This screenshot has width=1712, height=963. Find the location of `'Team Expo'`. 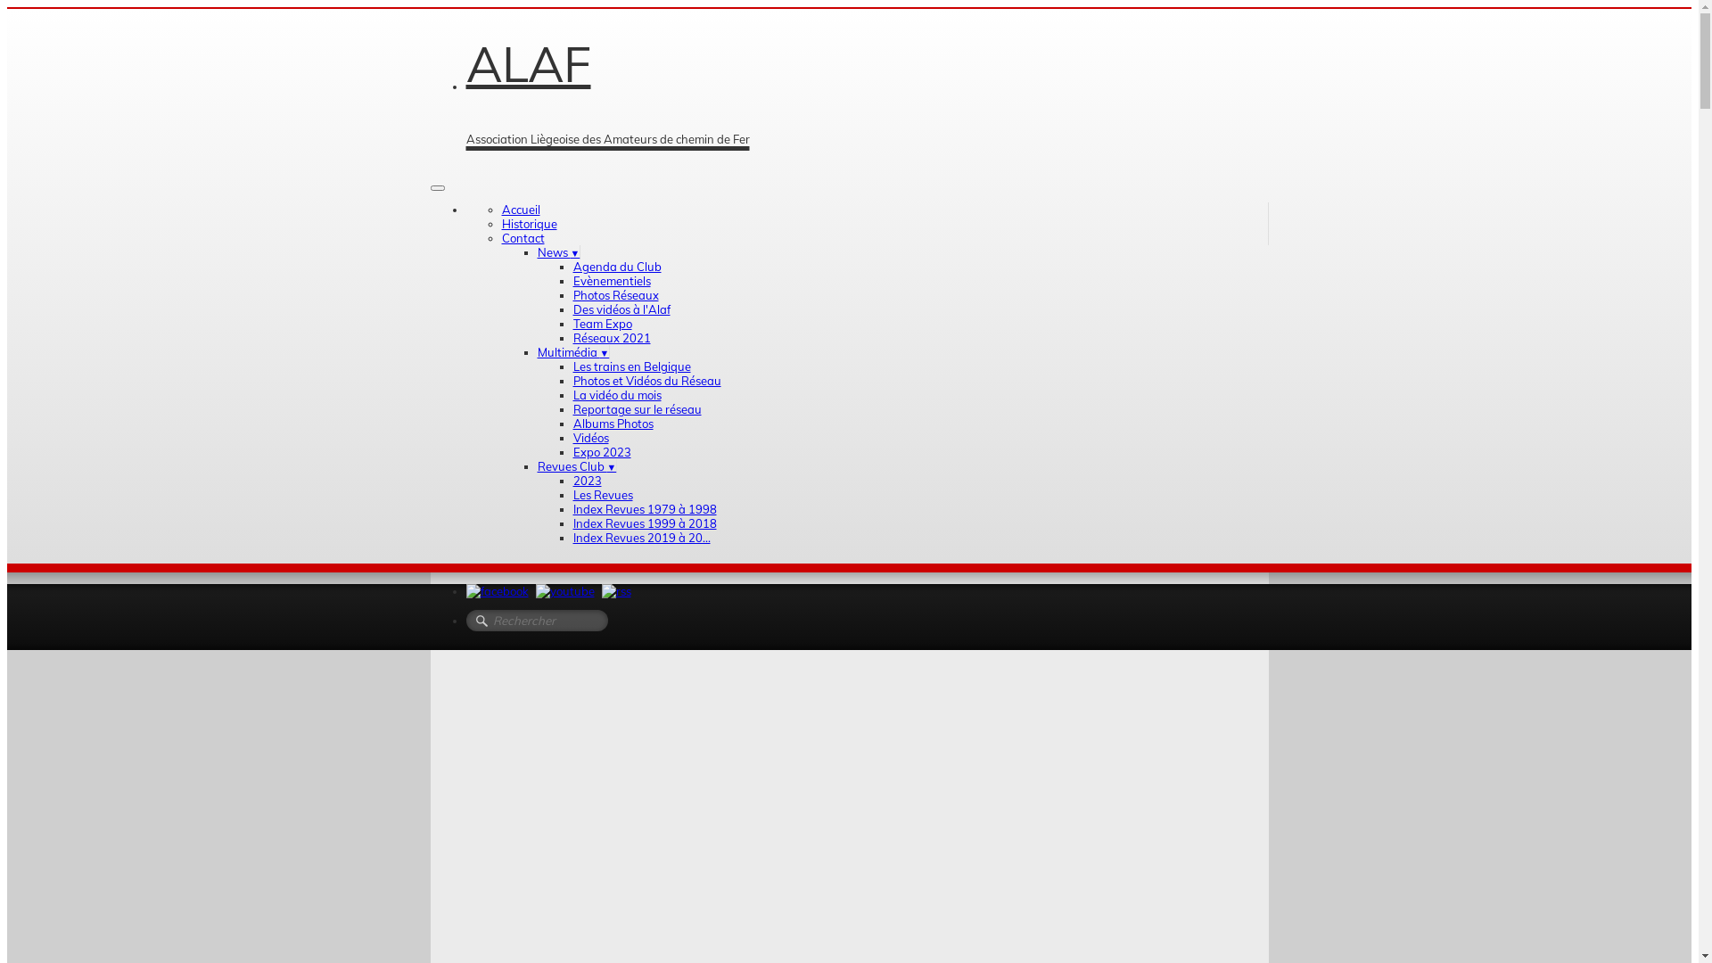

'Team Expo' is located at coordinates (572, 323).